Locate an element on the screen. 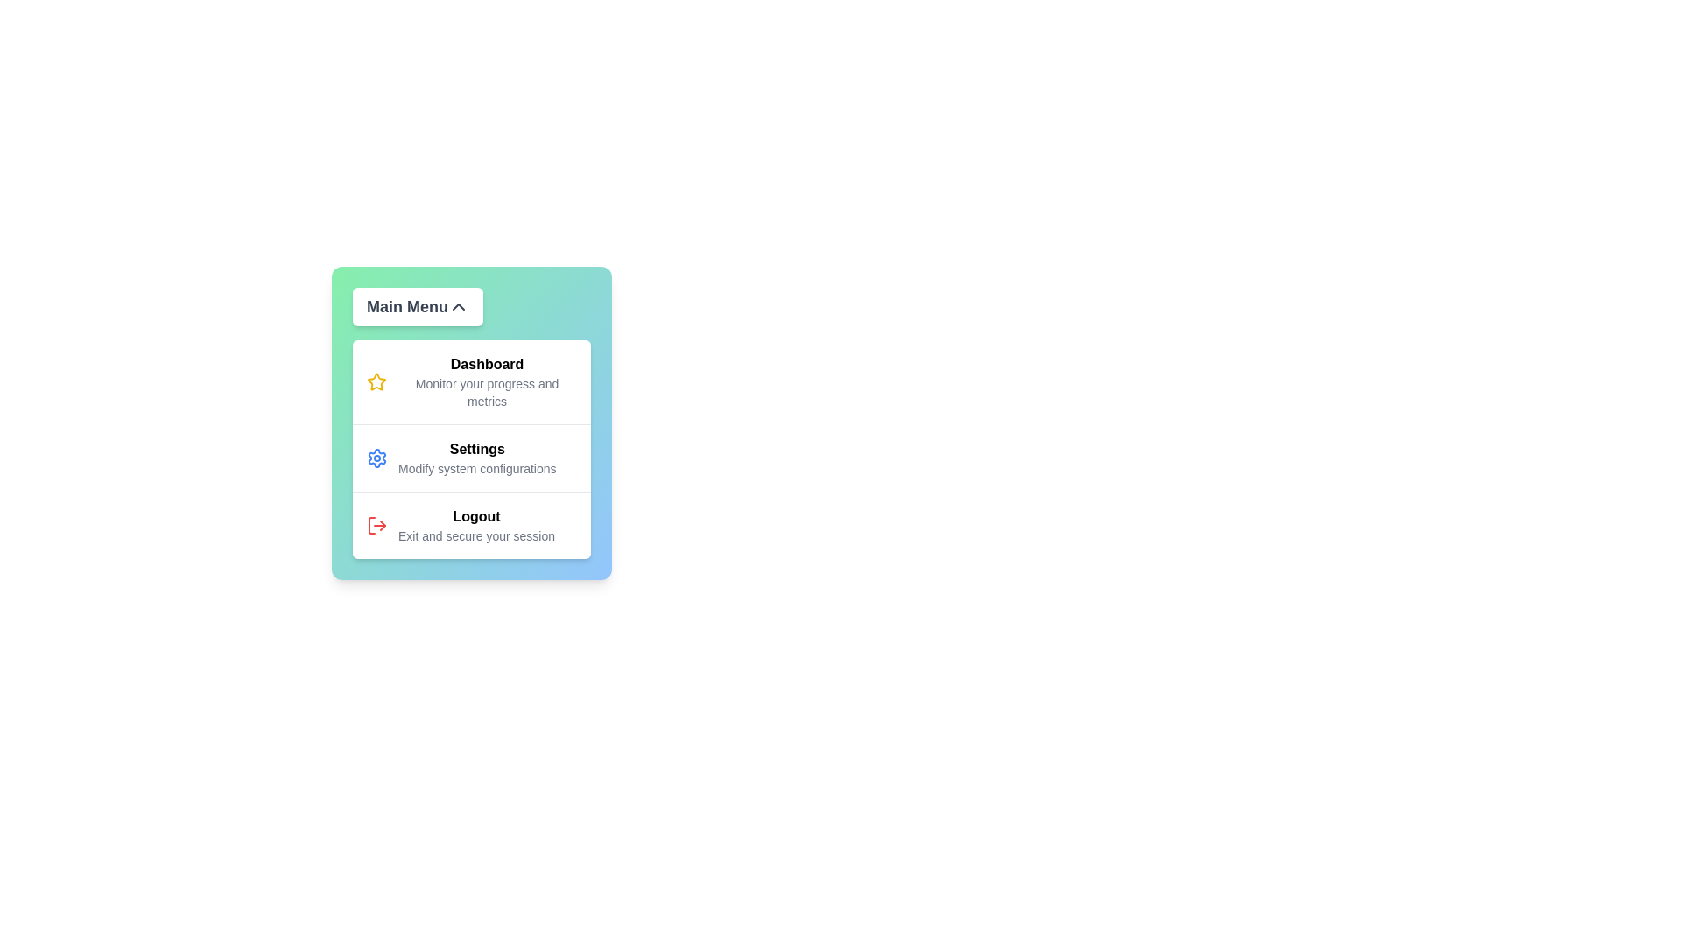  the menu item Dashboard to observe its hover effect is located at coordinates (471, 381).